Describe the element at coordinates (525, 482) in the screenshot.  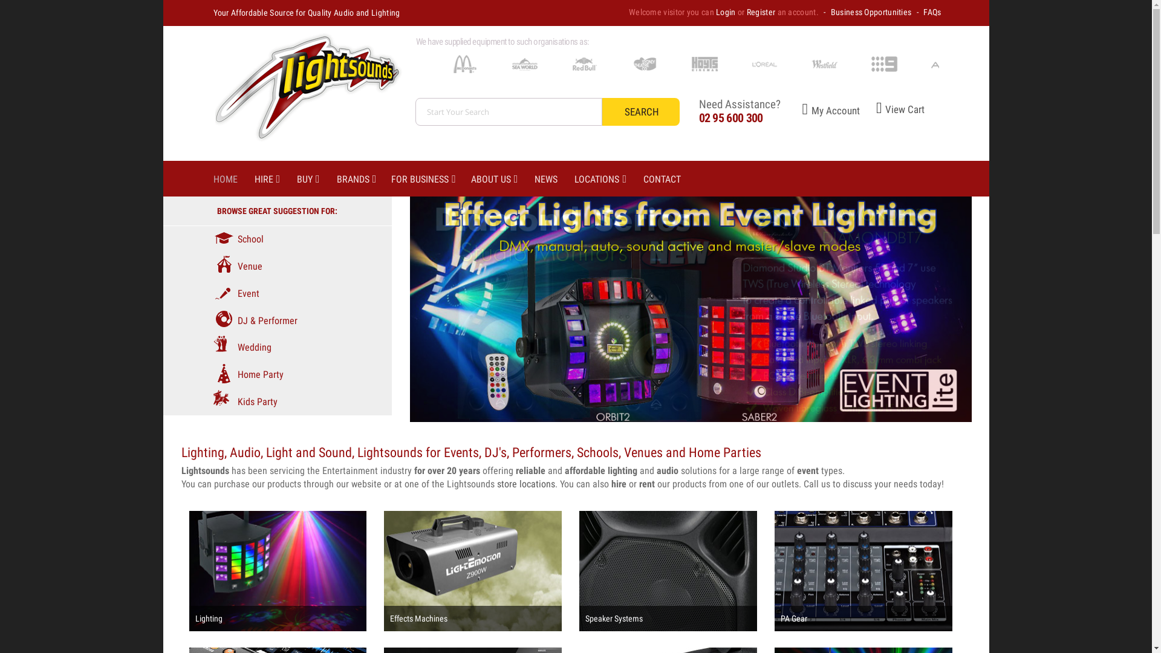
I see `'store locations'` at that location.